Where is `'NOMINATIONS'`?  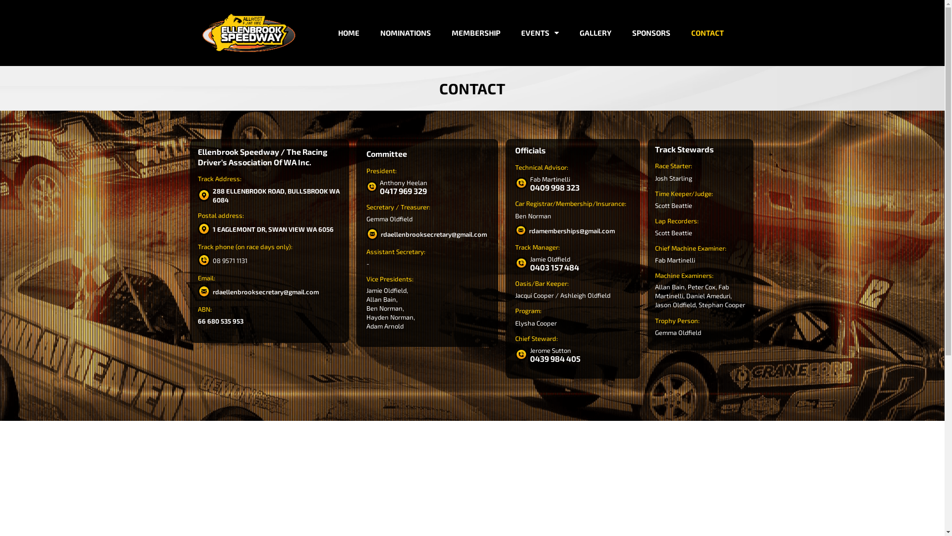
'NOMINATIONS' is located at coordinates (376, 32).